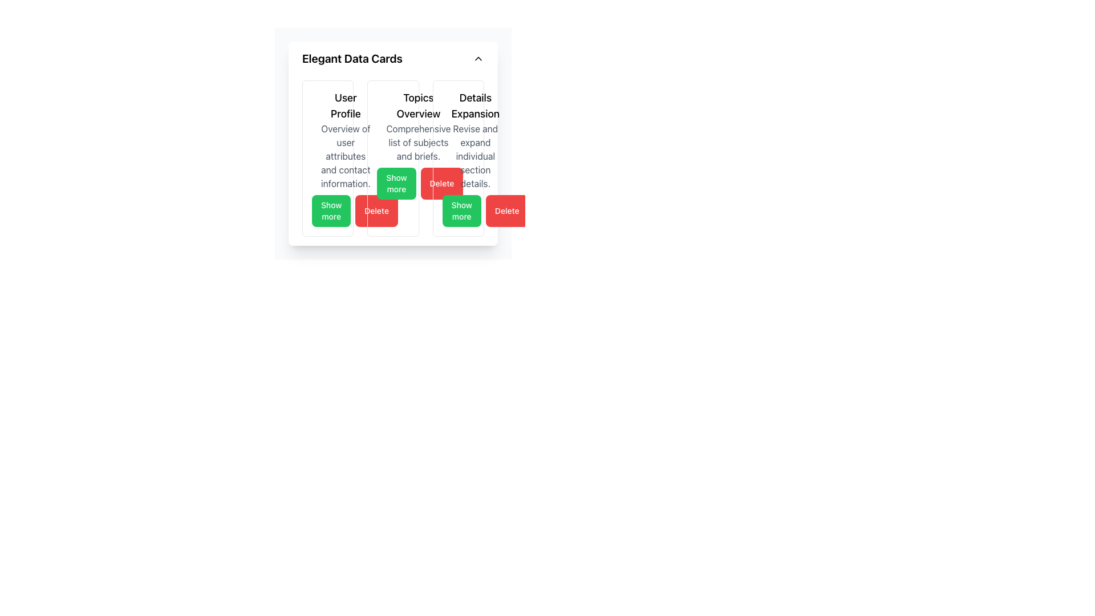 This screenshot has height=616, width=1095. I want to click on the Chevron Up icon located in the top-right corner of the 'Elegant Data Cards' panel, so click(478, 59).